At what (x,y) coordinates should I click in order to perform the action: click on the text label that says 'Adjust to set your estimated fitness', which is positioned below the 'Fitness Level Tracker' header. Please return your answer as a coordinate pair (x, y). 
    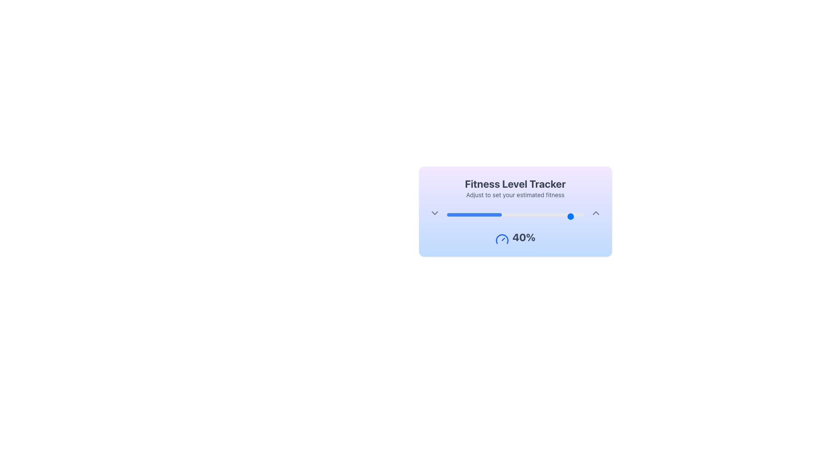
    Looking at the image, I should click on (515, 195).